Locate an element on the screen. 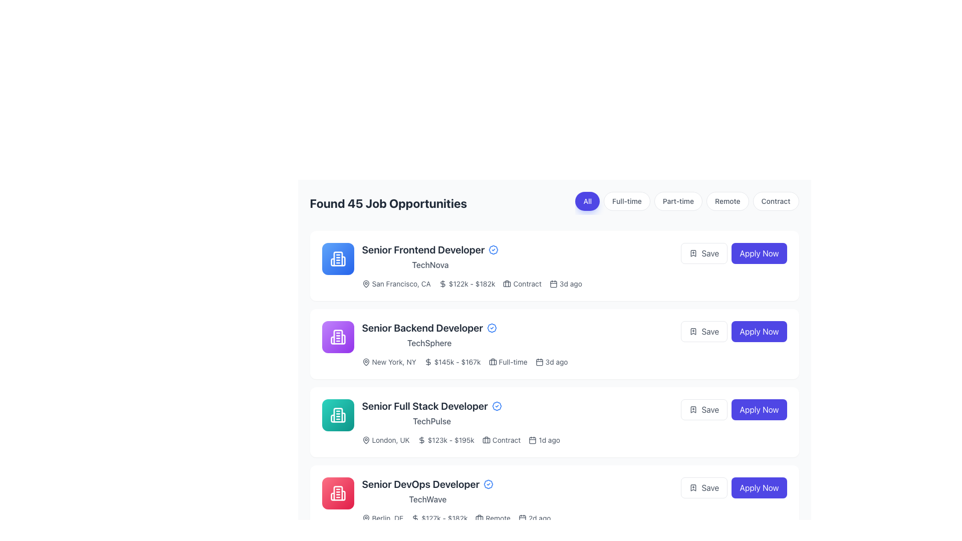 The height and width of the screenshot is (541, 962). the small rectangle representing the calendar icon within the job listing section, located beneath the job type label and adjacent to the posting date is located at coordinates (539, 362).